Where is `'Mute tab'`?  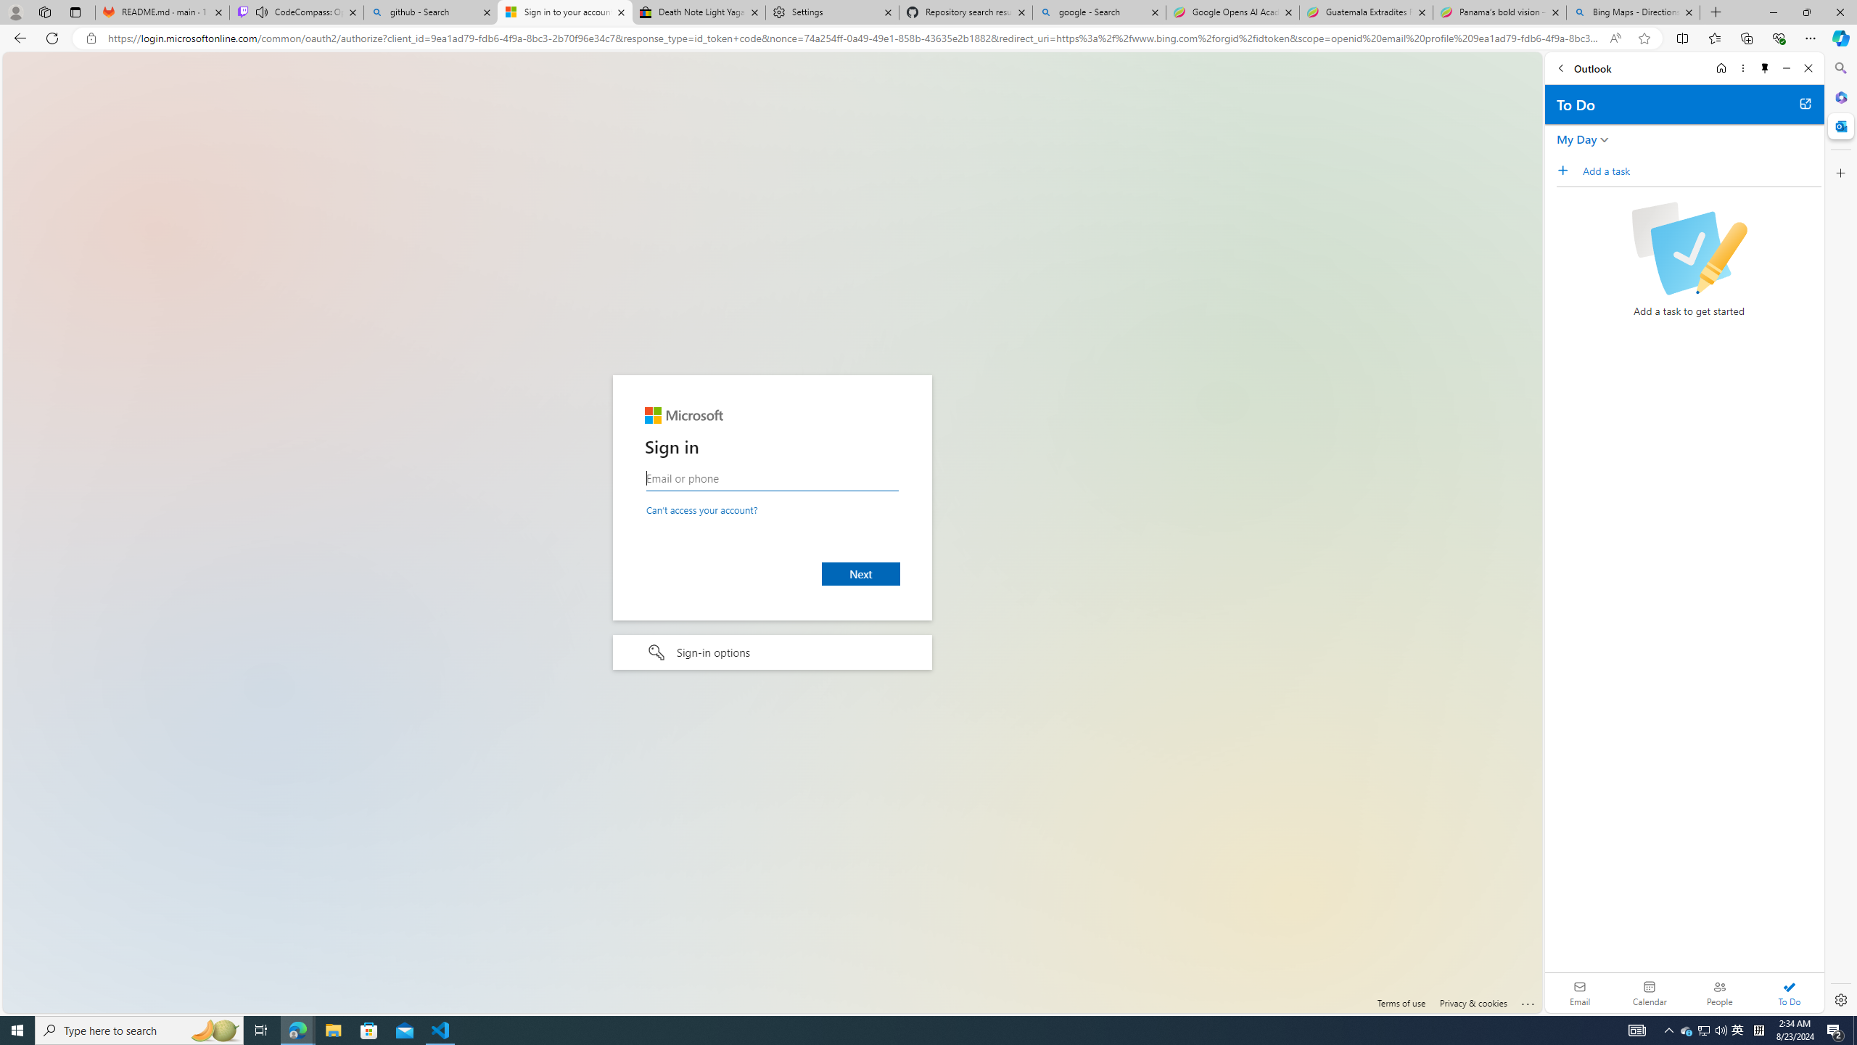 'Mute tab' is located at coordinates (260, 11).